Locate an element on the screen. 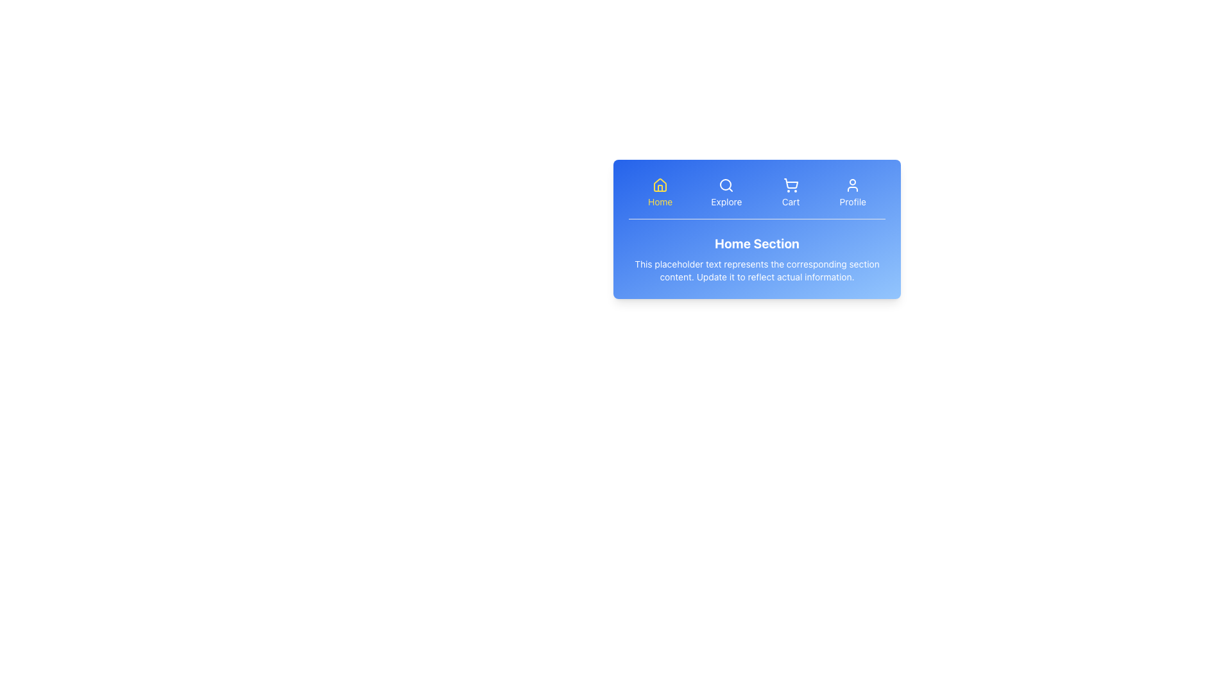 This screenshot has height=693, width=1232. the house icon in the navigation bar is located at coordinates (660, 185).